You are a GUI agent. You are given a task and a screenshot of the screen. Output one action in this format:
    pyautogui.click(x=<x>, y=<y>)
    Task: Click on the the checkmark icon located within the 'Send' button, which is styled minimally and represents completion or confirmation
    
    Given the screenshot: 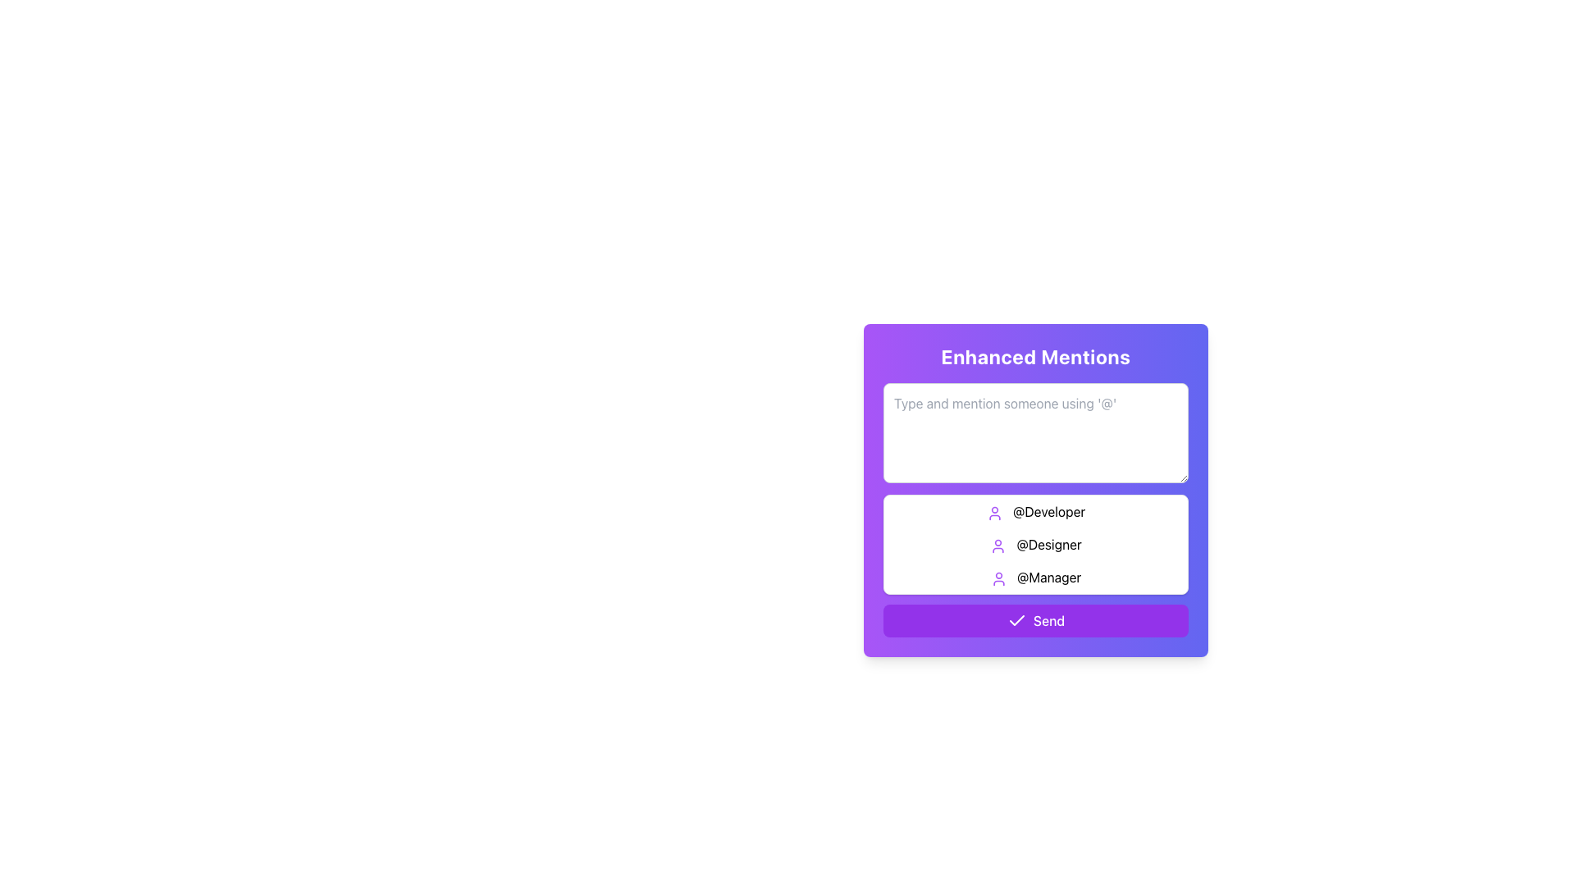 What is the action you would take?
    pyautogui.click(x=1016, y=620)
    